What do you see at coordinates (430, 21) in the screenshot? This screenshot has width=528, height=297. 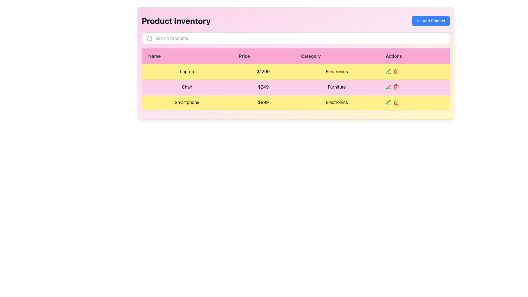 I see `the blue 'Add Product' button with a dropdown indicator located at the top right corner of the interface` at bounding box center [430, 21].